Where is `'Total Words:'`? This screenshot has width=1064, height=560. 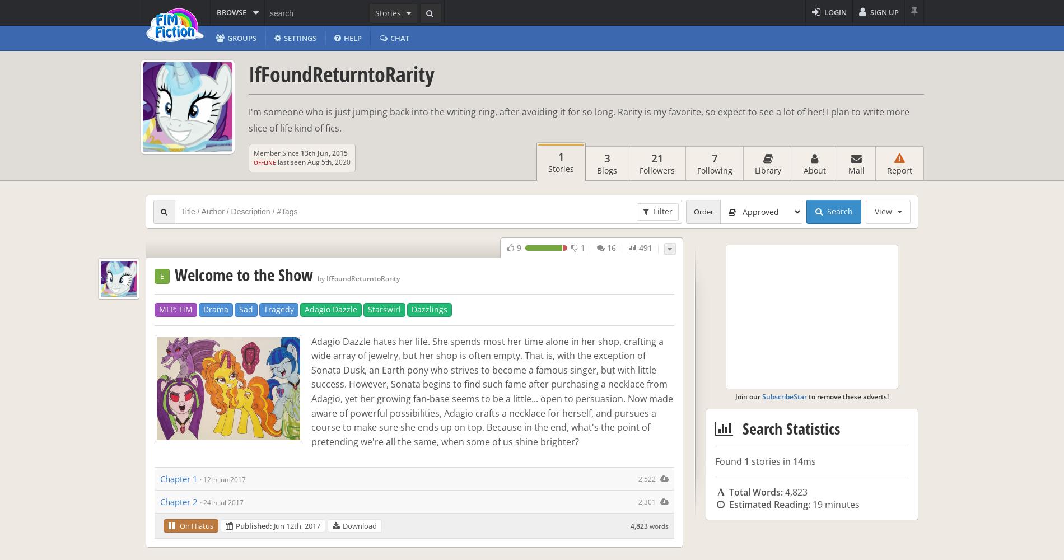 'Total Words:' is located at coordinates (755, 492).